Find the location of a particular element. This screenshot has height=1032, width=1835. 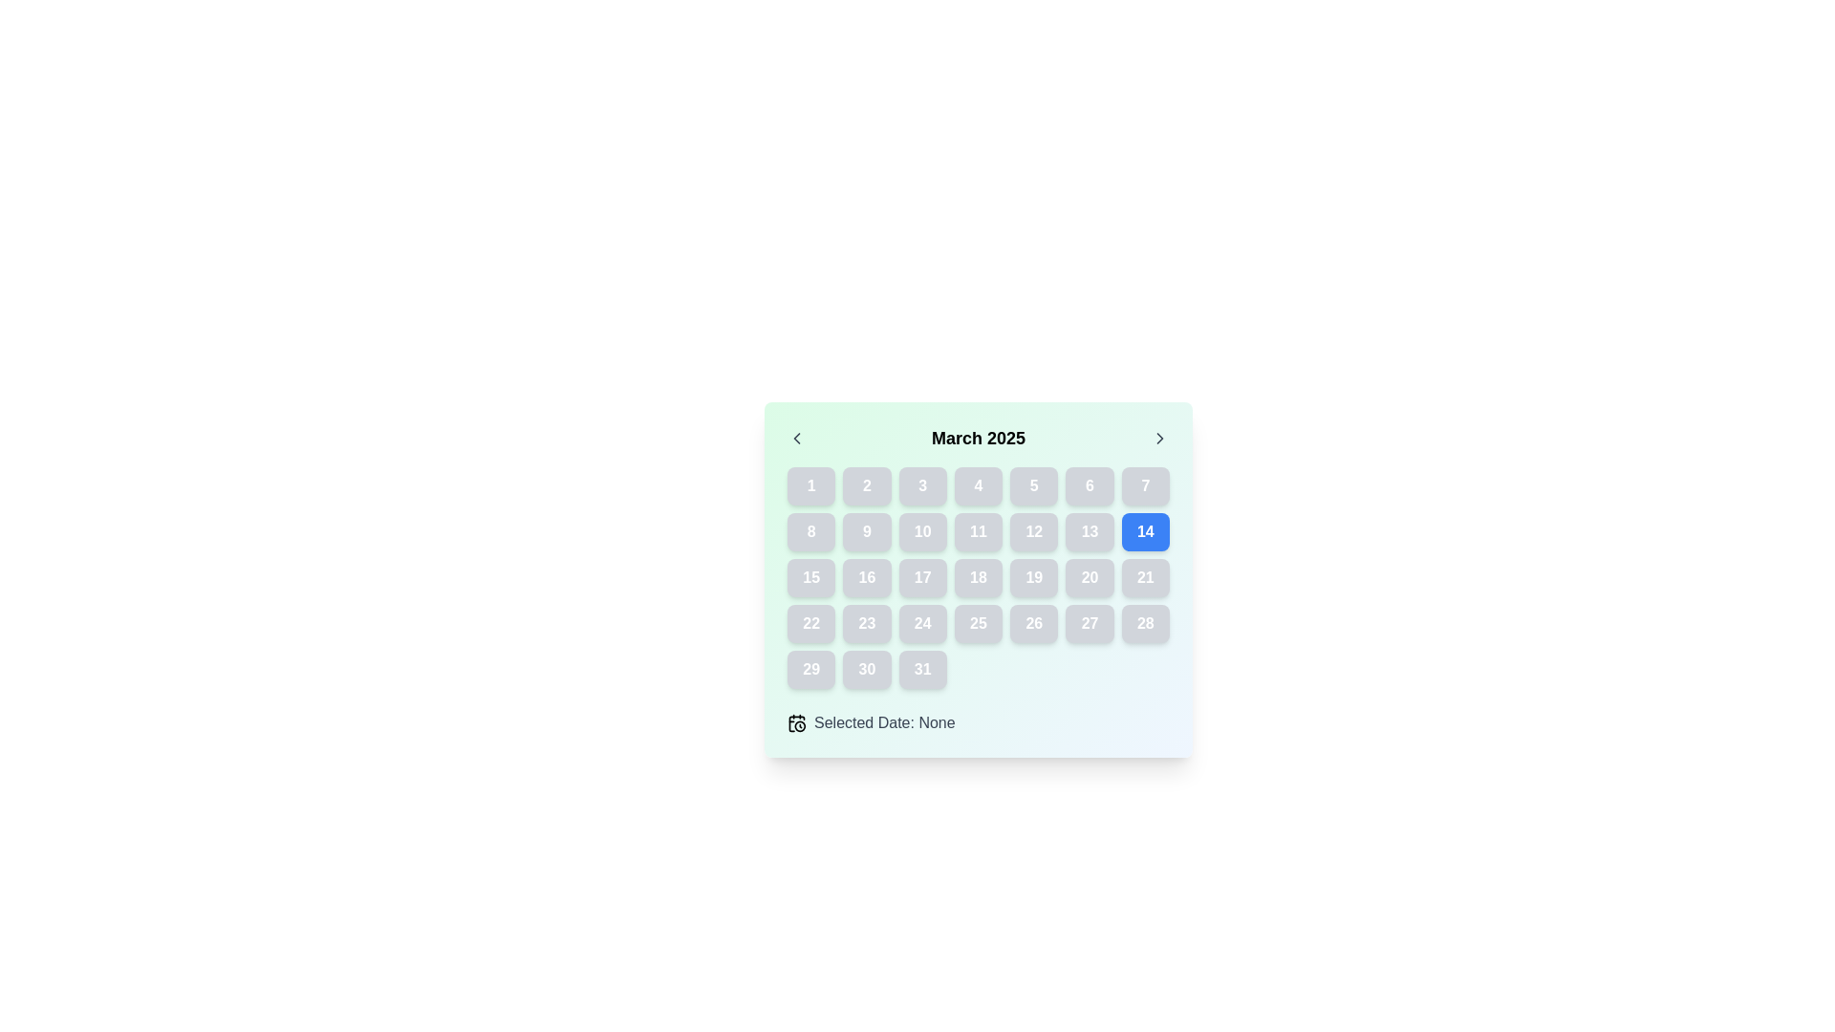

the button is located at coordinates (922, 531).